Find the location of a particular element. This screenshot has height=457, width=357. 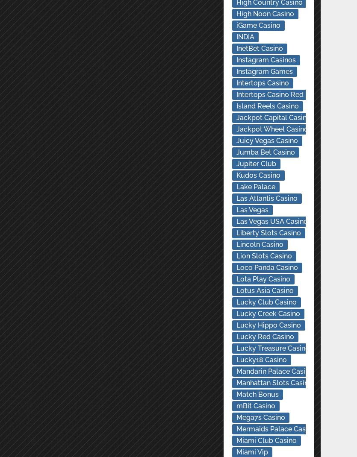

'Las Atlantis Casino' is located at coordinates (266, 198).